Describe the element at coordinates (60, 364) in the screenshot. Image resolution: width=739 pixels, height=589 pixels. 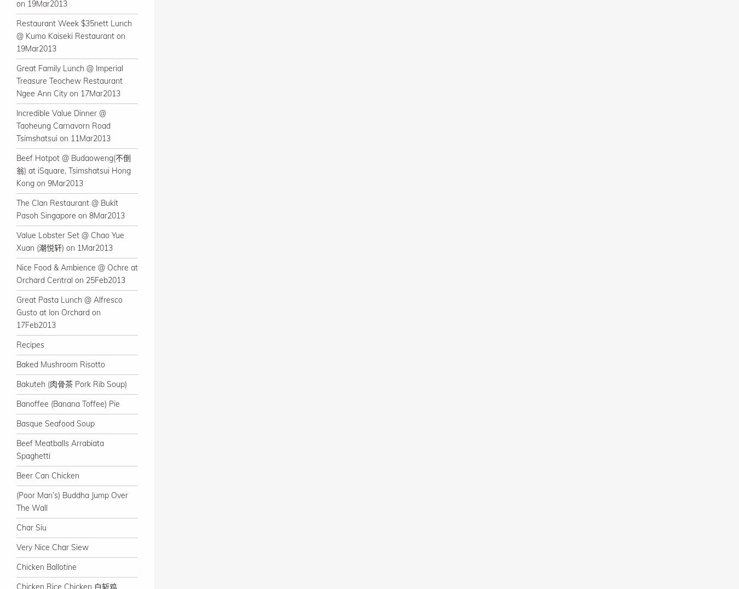
I see `'Baked Mushroom Risotto'` at that location.